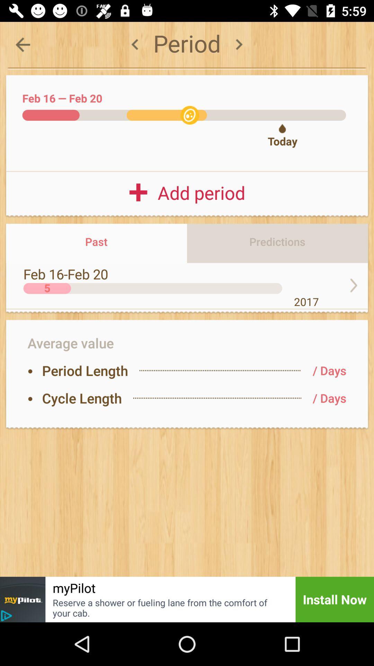 This screenshot has width=374, height=666. What do you see at coordinates (6, 616) in the screenshot?
I see `the play icon` at bounding box center [6, 616].